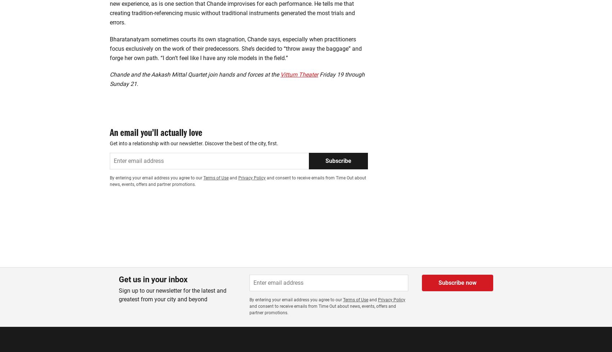 Image resolution: width=612 pixels, height=352 pixels. I want to click on 'Friday 19 through Sunday 21.', so click(237, 46).